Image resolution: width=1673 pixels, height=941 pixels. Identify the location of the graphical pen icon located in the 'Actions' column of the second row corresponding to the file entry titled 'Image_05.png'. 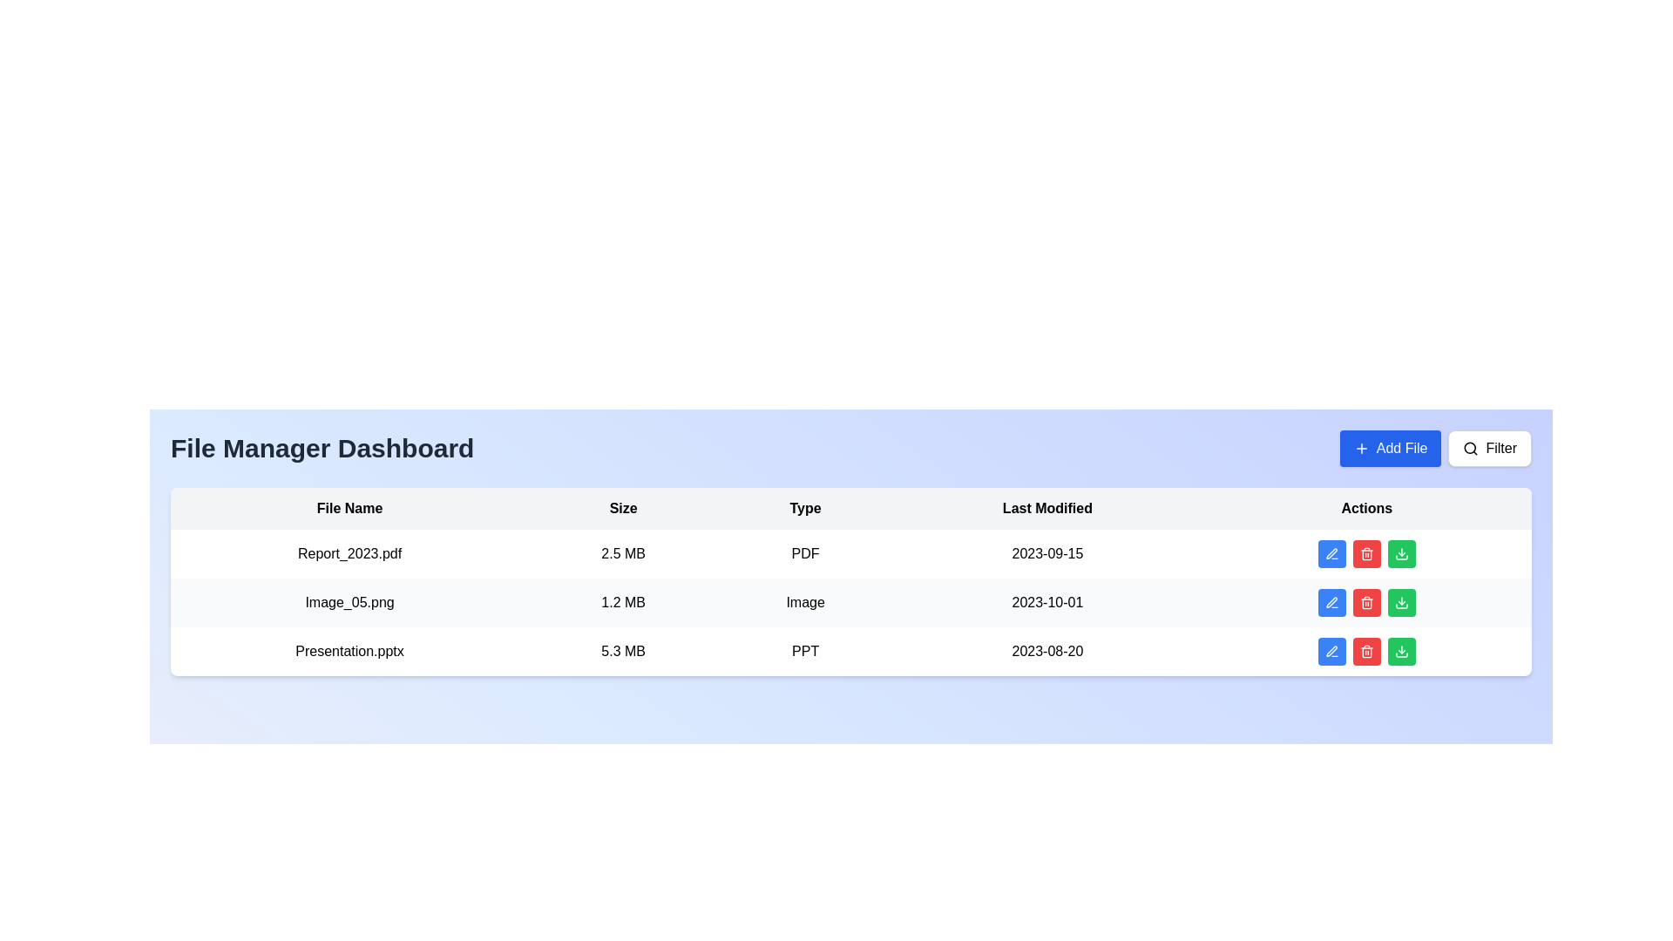
(1331, 553).